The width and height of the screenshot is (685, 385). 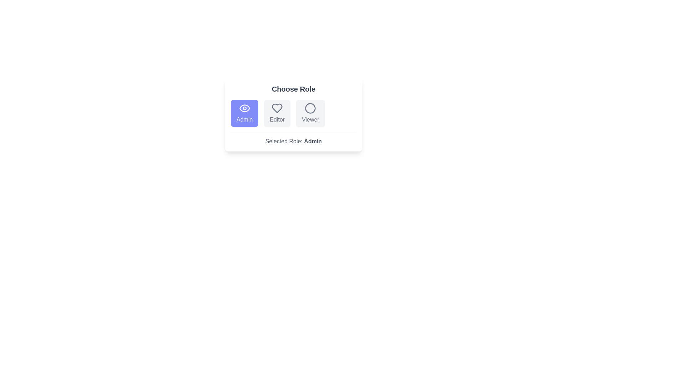 I want to click on the circular icon with a thin border that represents the 'Viewer' role selection option, so click(x=310, y=108).